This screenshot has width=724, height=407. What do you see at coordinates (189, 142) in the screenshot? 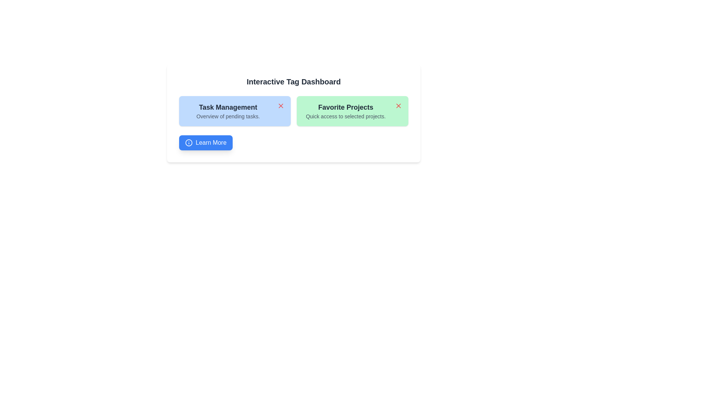
I see `the informational icon located to the left of the 'Learn More' text within the button component beneath the 'Task Management' card` at bounding box center [189, 142].